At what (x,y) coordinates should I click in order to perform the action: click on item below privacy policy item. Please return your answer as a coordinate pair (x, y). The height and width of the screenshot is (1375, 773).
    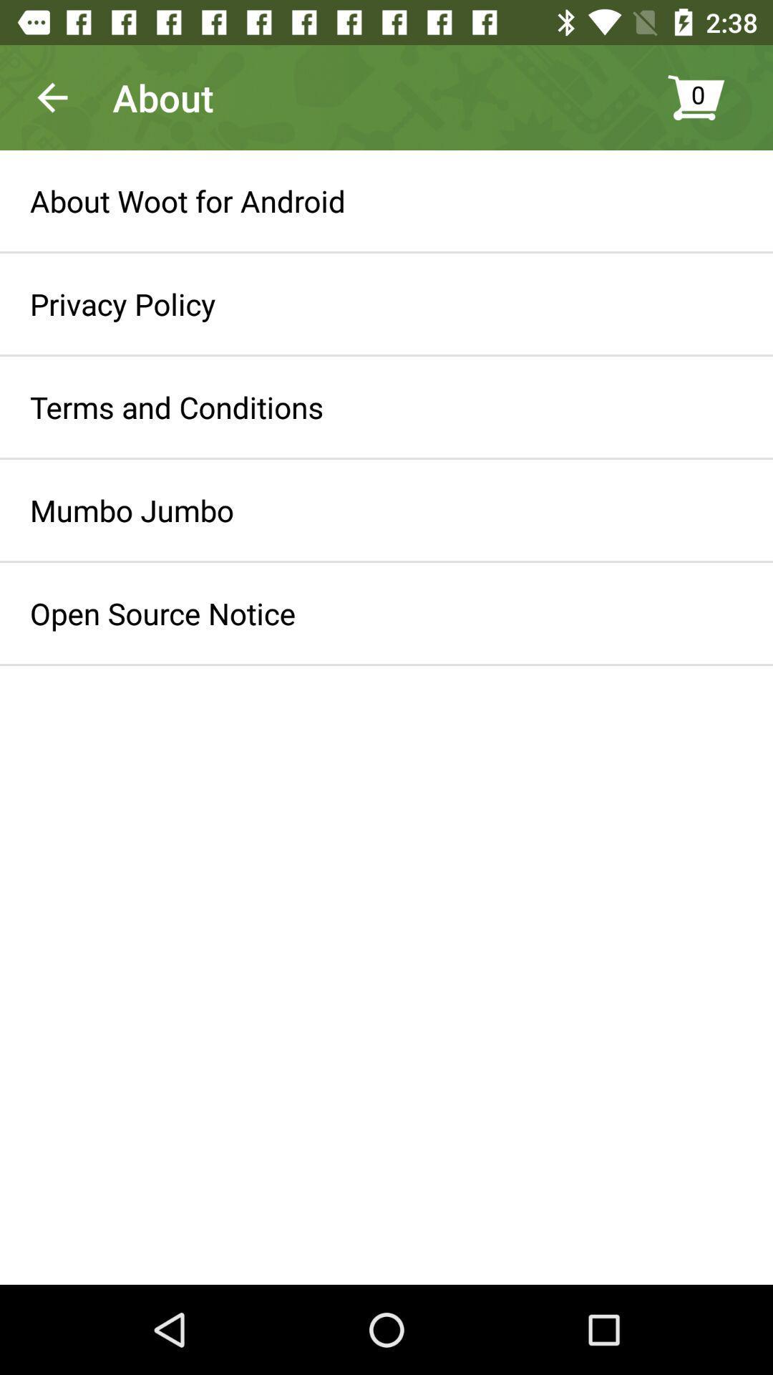
    Looking at the image, I should click on (176, 406).